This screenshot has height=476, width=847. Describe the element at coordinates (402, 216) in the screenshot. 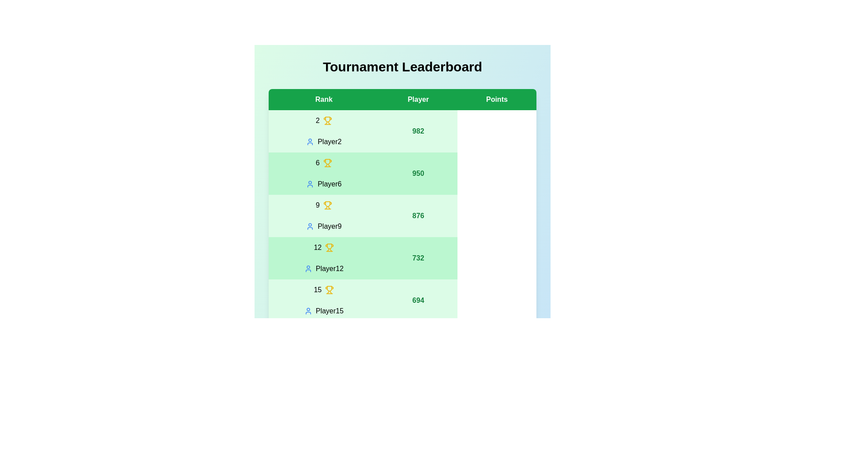

I see `the row corresponding to rank 9` at that location.